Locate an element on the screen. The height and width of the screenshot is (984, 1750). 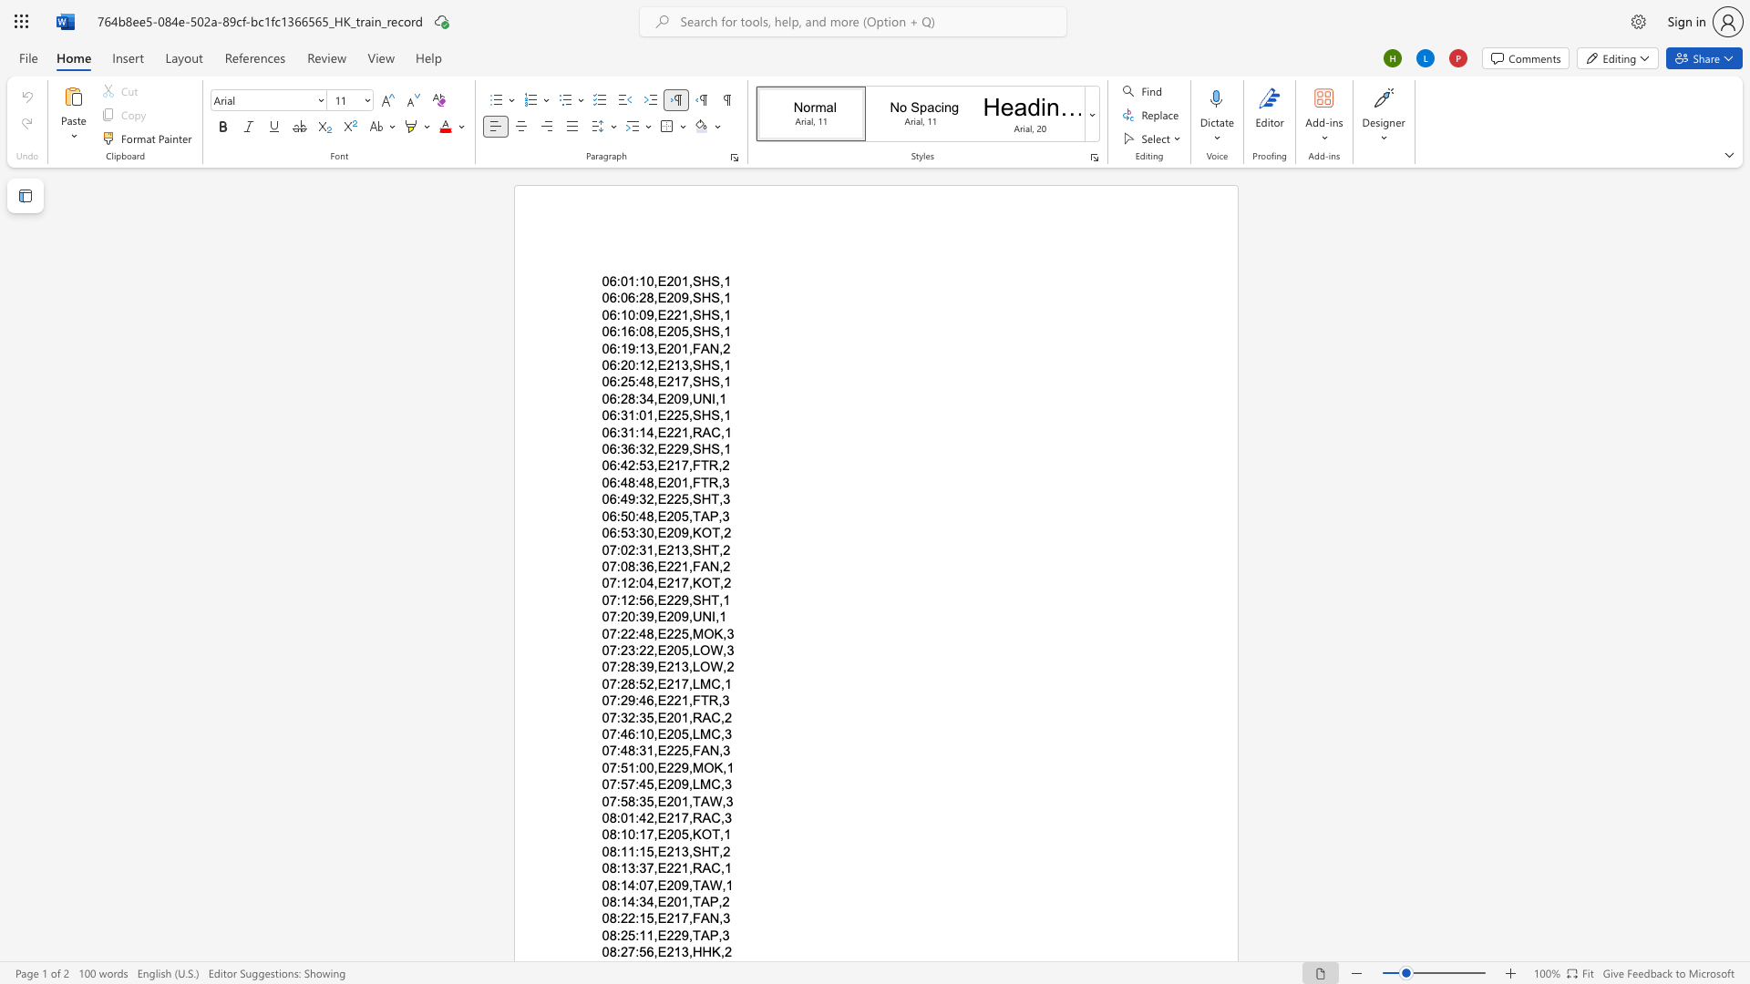
the subset text "8,E2" within the text "07:22:48,E225,MOK,3" is located at coordinates (646, 632).